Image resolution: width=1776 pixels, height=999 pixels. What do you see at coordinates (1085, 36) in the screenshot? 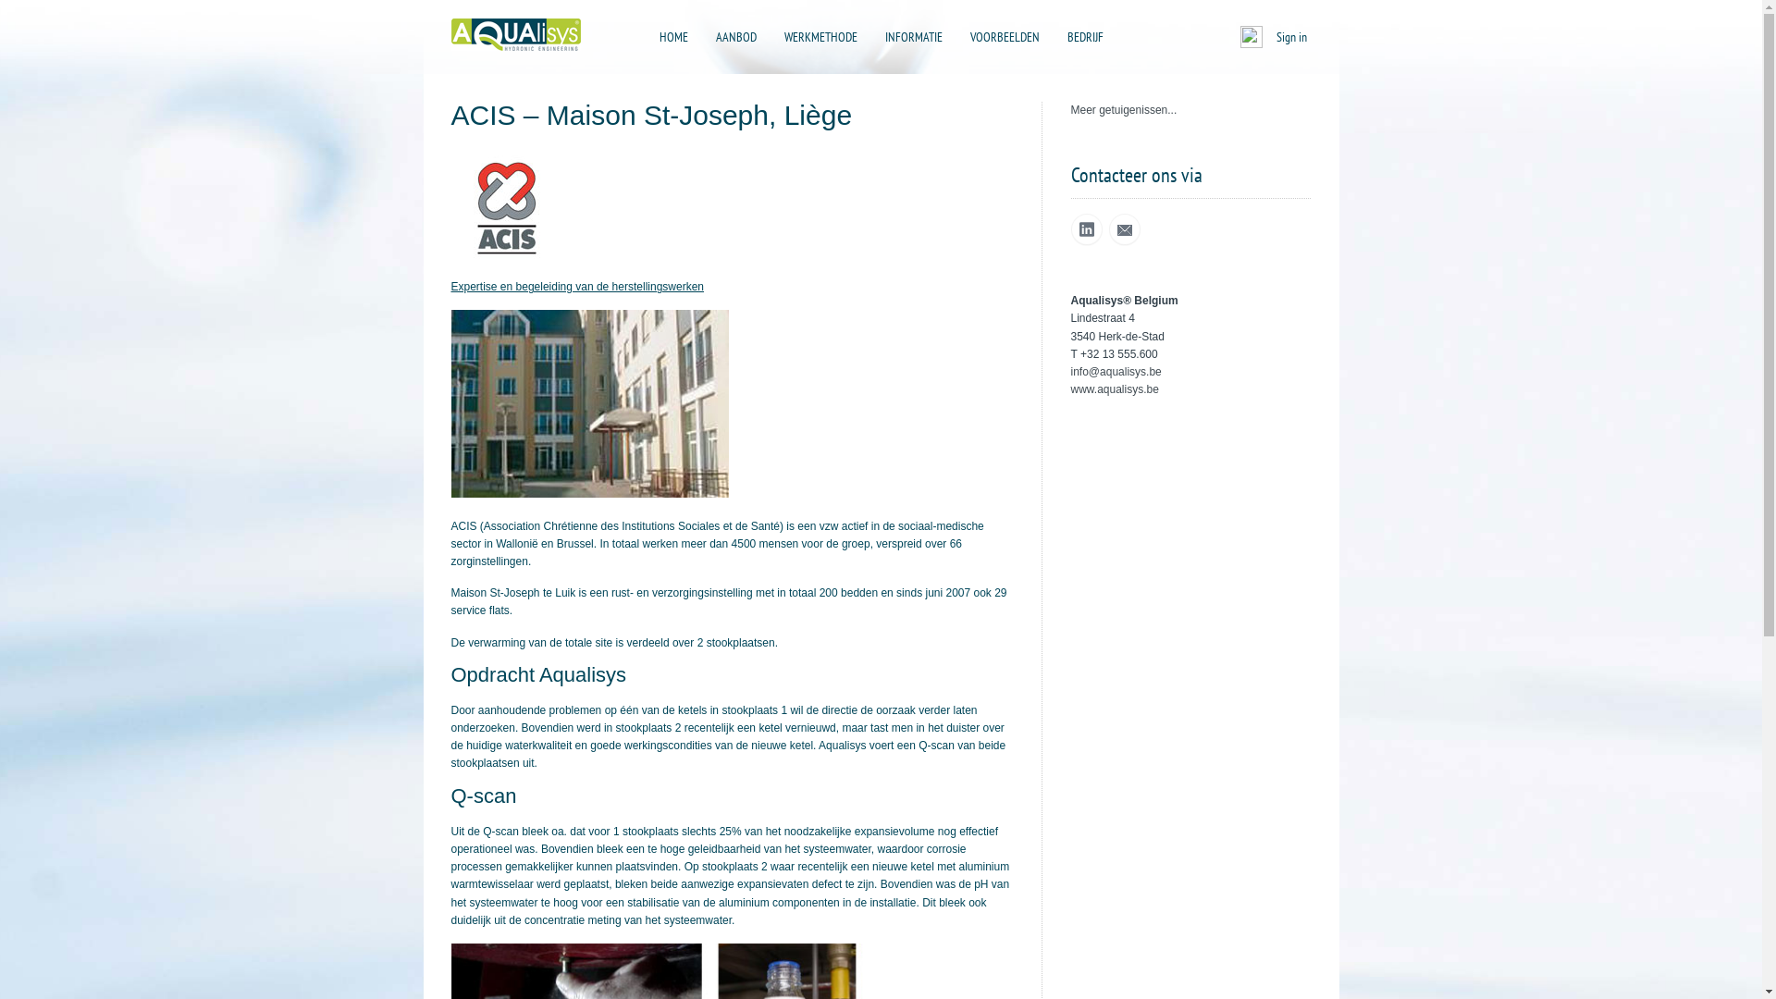
I see `'BEDRIJF'` at bounding box center [1085, 36].